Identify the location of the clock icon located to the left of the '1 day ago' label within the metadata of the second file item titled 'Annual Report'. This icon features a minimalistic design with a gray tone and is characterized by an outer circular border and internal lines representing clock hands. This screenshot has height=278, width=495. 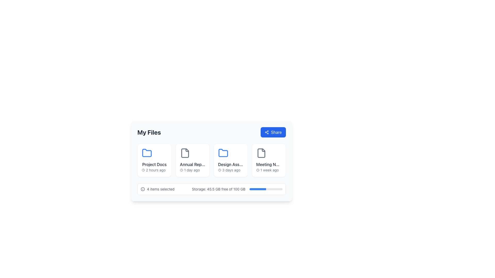
(181, 170).